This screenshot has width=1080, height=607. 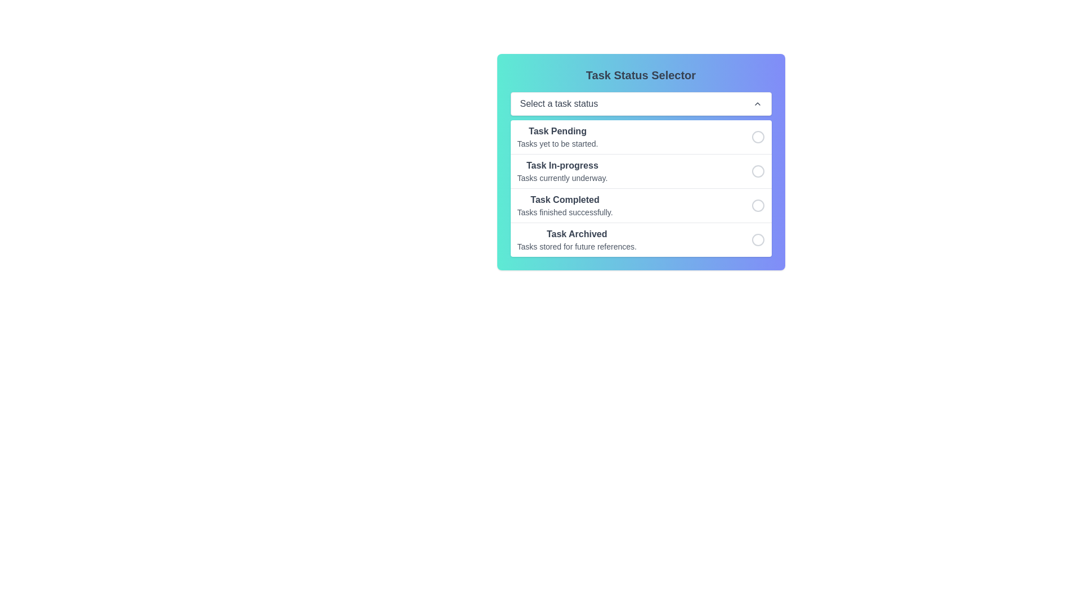 What do you see at coordinates (758, 206) in the screenshot?
I see `the circular icon indicating 'Task Completed' status` at bounding box center [758, 206].